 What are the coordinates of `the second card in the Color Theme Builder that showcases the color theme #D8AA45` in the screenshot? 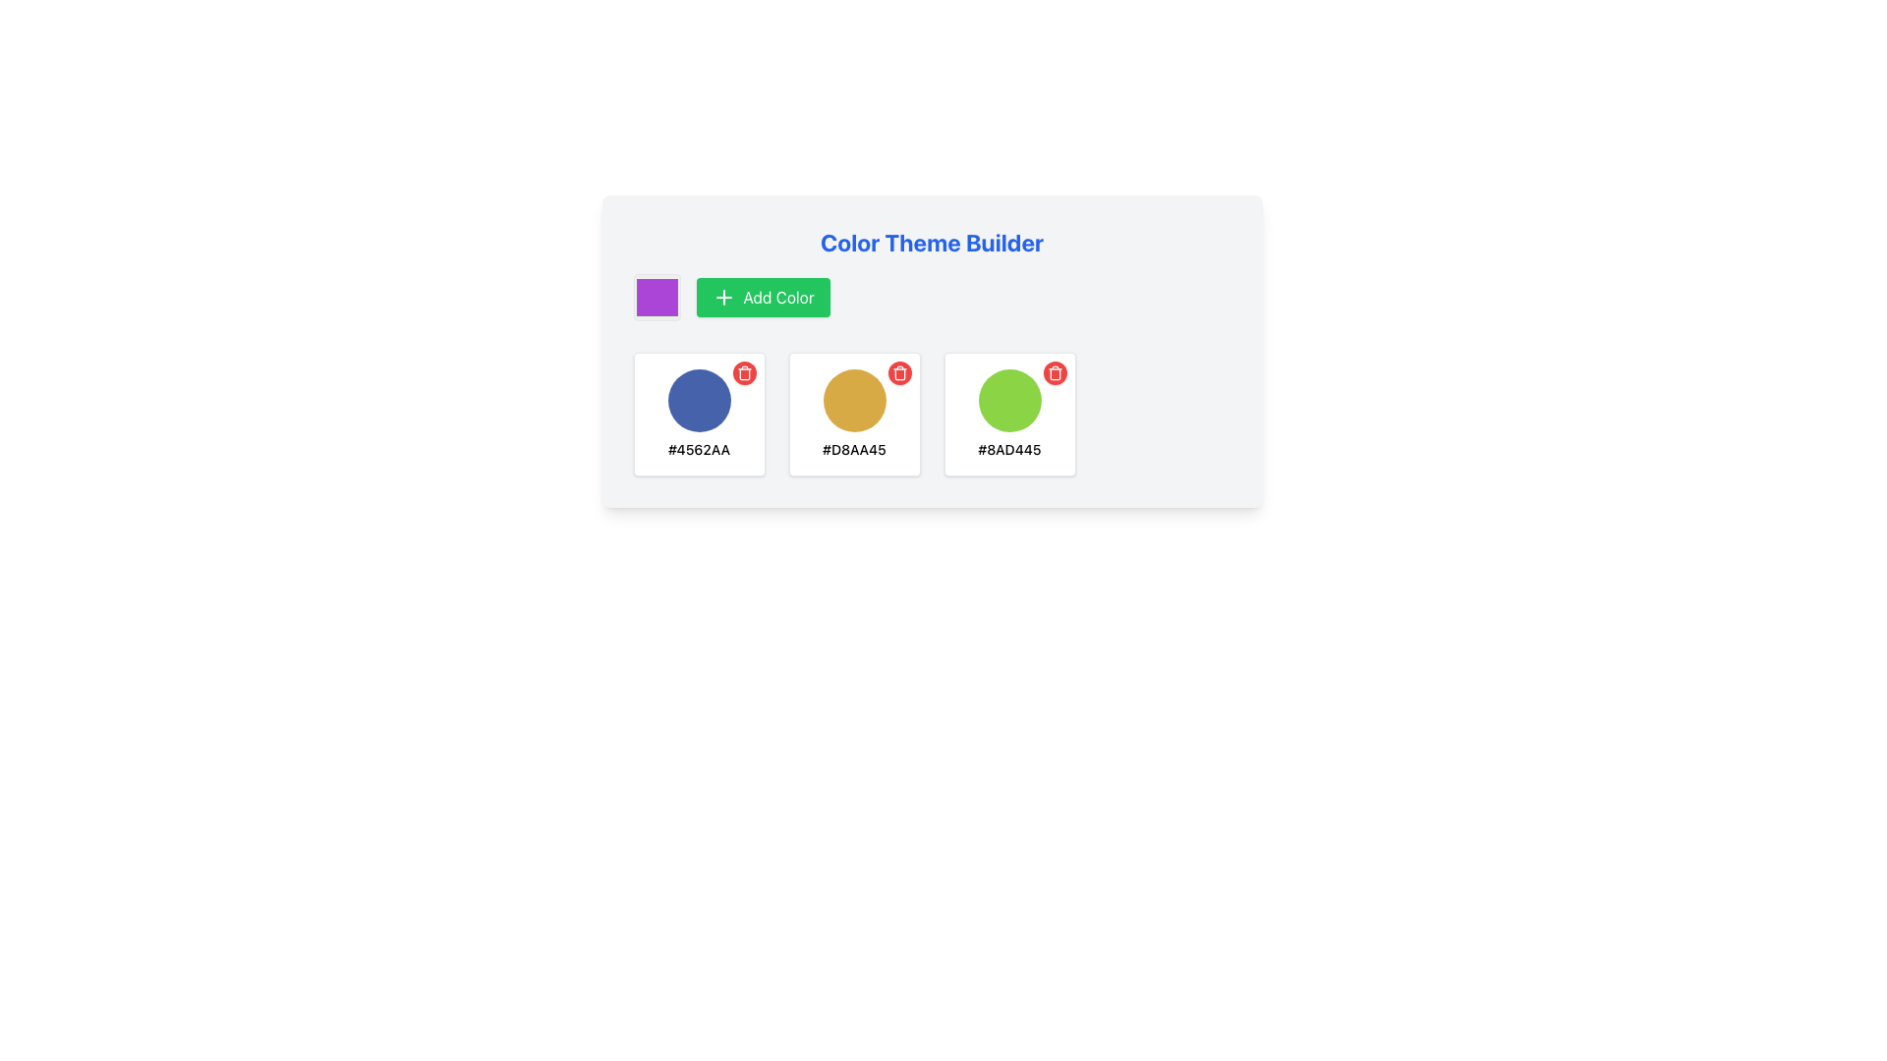 It's located at (854, 413).